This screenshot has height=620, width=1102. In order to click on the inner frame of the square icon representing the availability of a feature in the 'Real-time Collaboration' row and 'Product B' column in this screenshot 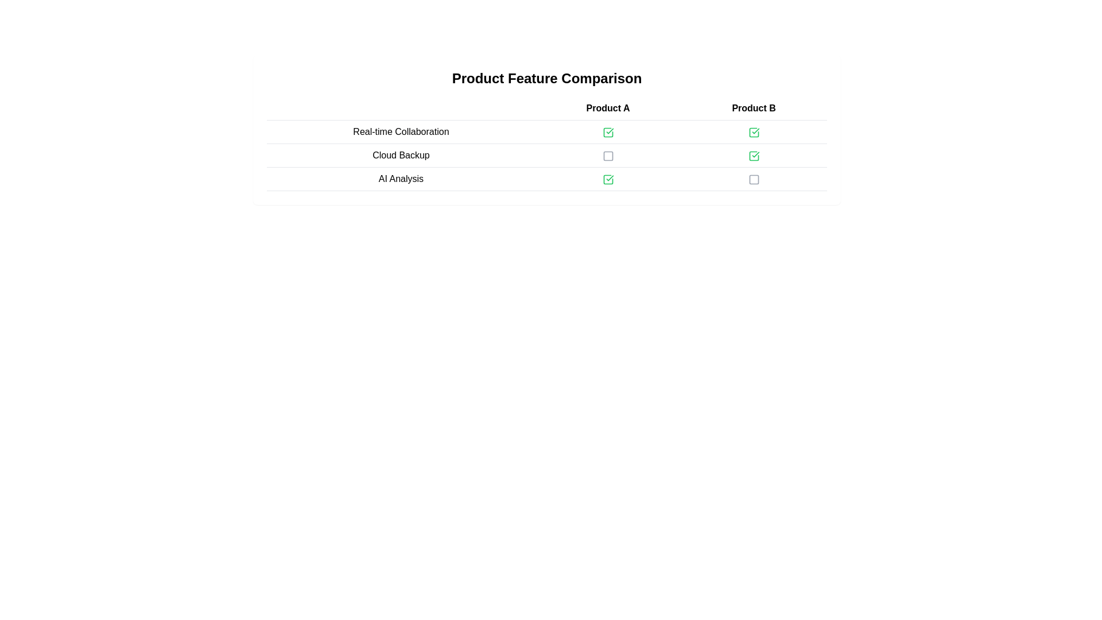, I will do `click(607, 131)`.